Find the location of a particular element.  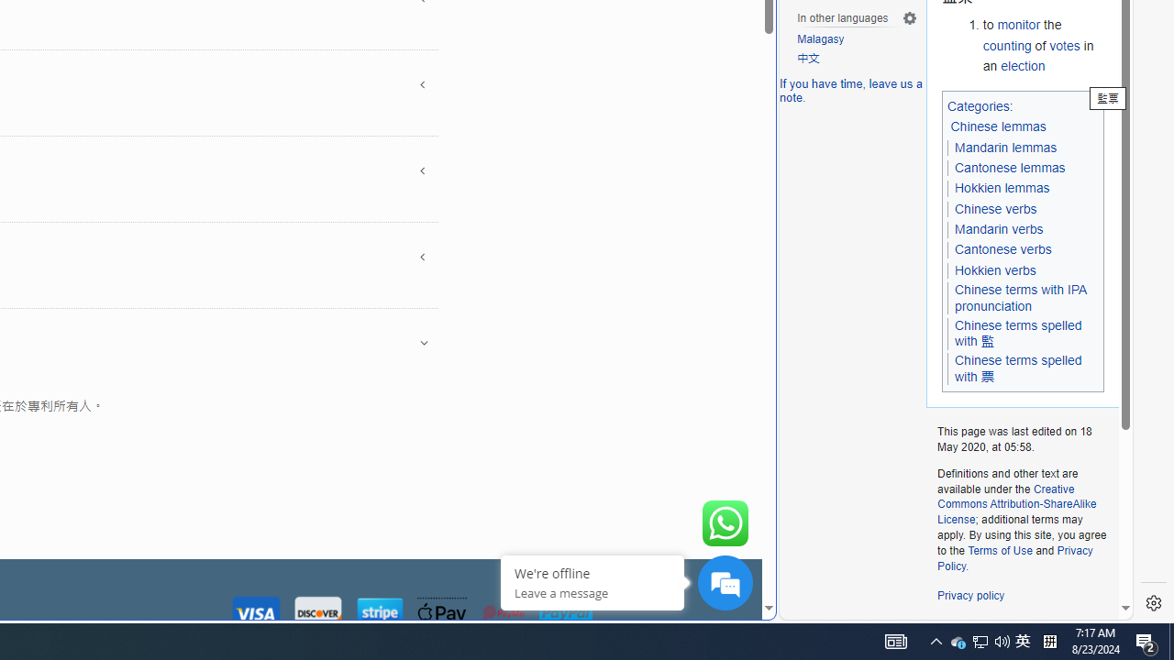

'Hokkien lemmas' is located at coordinates (1002, 188).